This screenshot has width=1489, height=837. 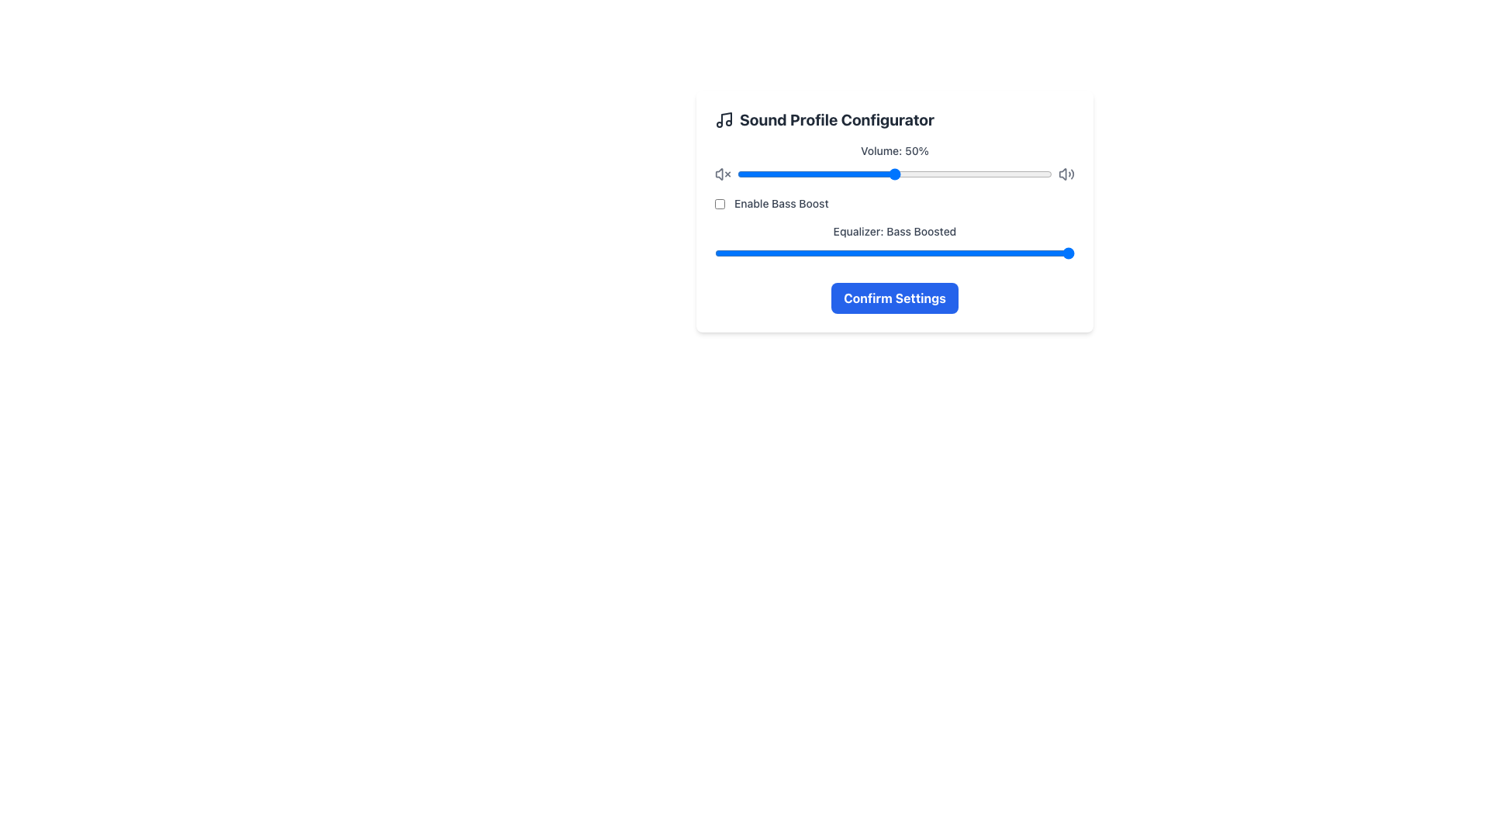 What do you see at coordinates (834, 253) in the screenshot?
I see `the equalizer level` at bounding box center [834, 253].